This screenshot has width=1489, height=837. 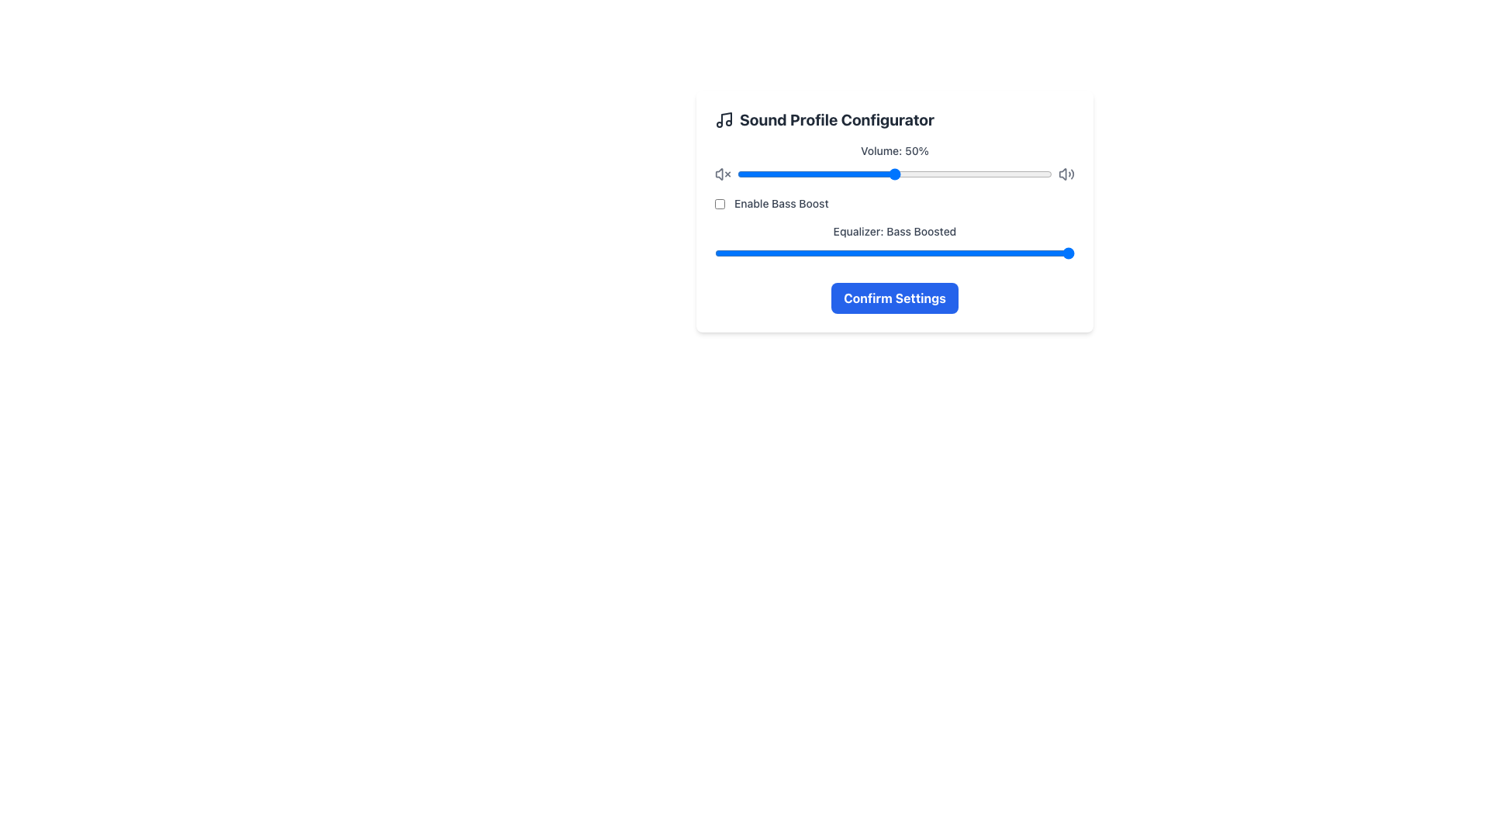 What do you see at coordinates (834, 253) in the screenshot?
I see `the equalizer level` at bounding box center [834, 253].